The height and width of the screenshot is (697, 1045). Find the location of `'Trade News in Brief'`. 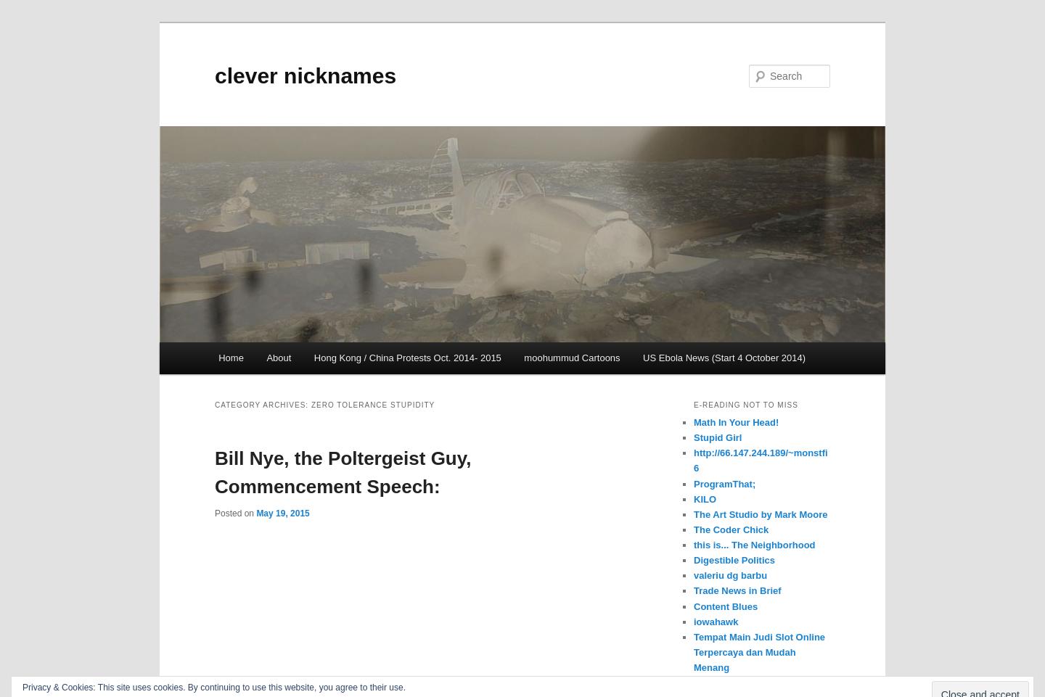

'Trade News in Brief' is located at coordinates (737, 590).